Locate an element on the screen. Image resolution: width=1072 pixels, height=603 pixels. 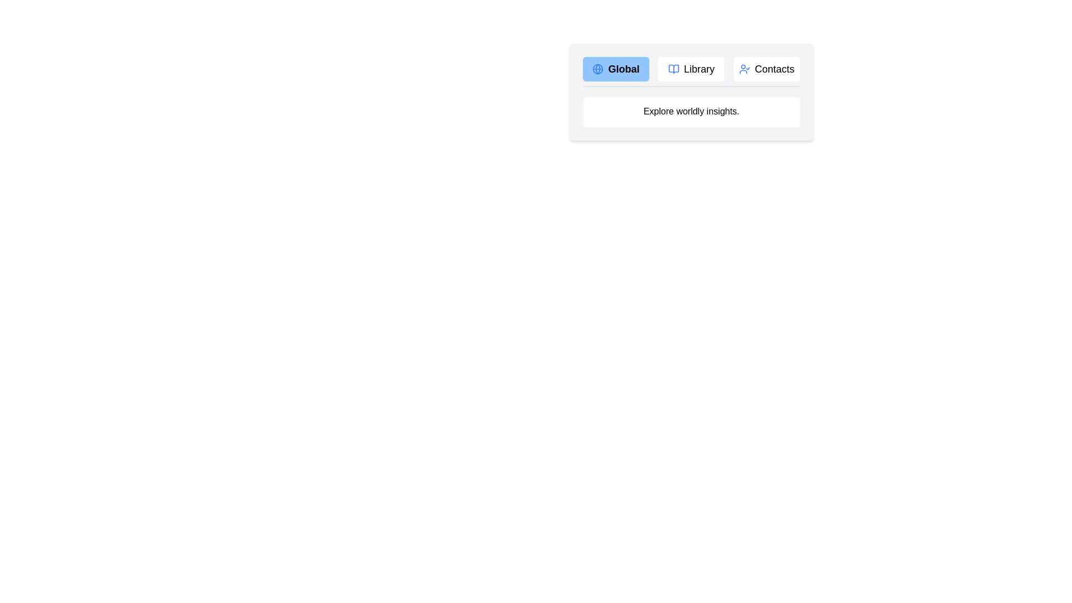
the Library tab is located at coordinates (691, 69).